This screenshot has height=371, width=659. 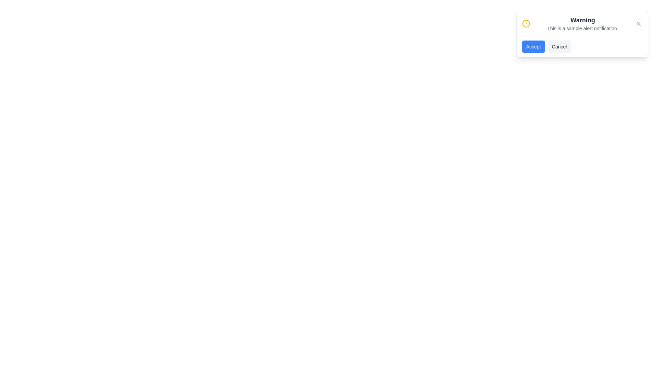 I want to click on the dismiss button located at the bottom right of the notification box, so click(x=559, y=46).